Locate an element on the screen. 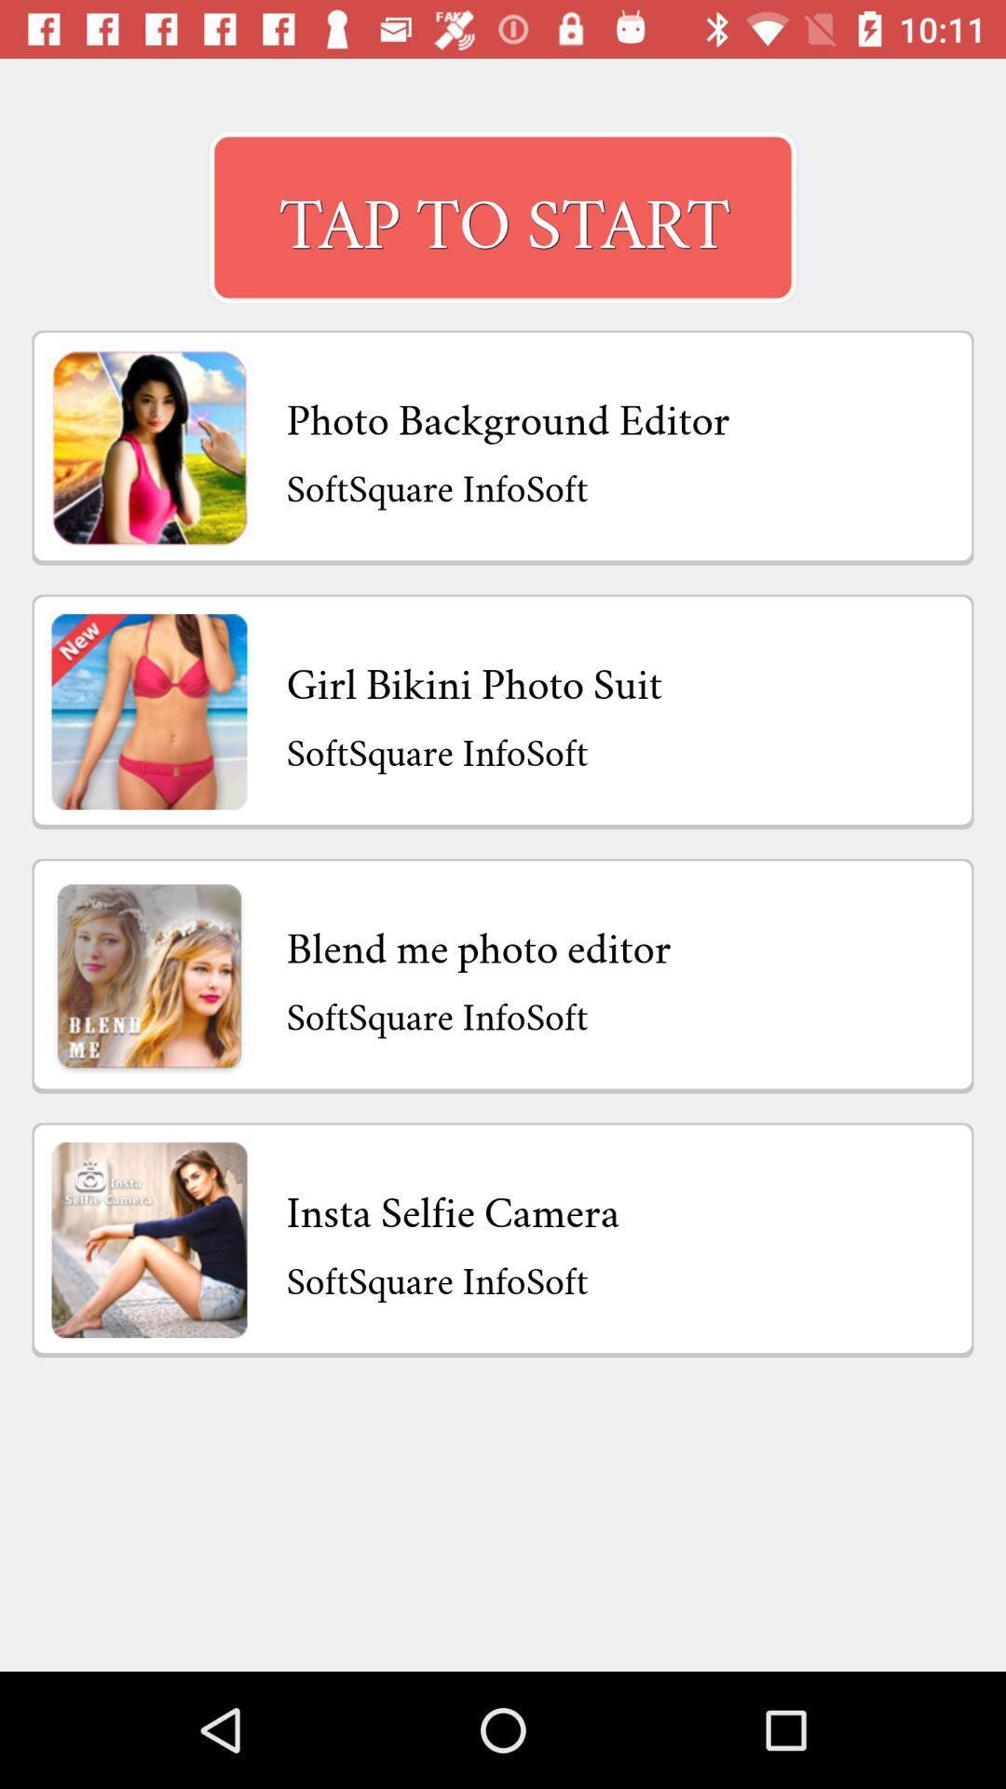  app below softsquare infosoft is located at coordinates (478, 943).